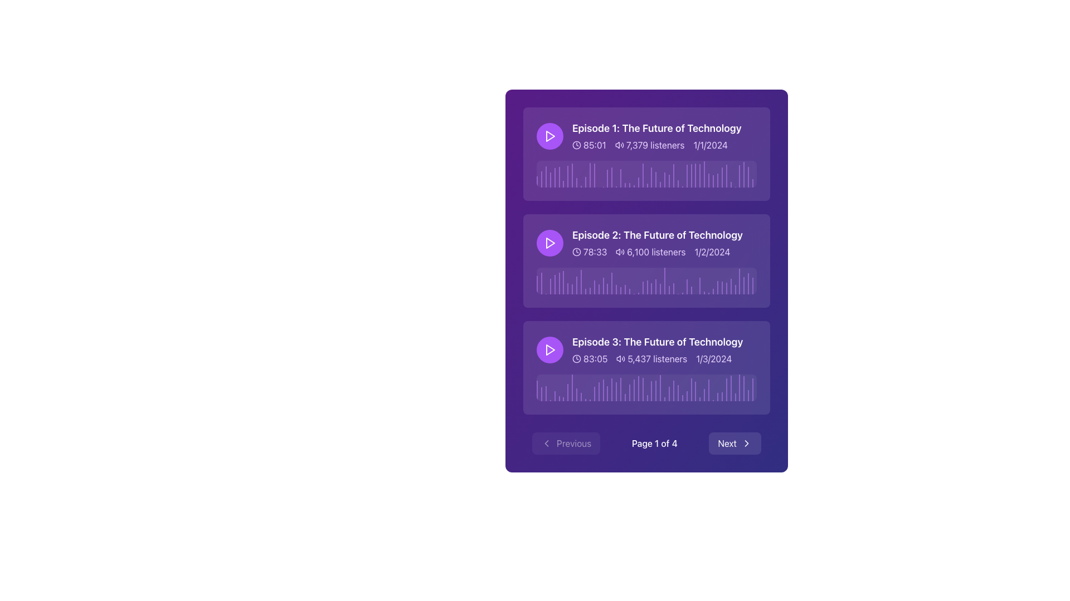  What do you see at coordinates (712, 252) in the screenshot?
I see `date displayed in the text label located at the bottom-right corner of the second card, which shows '1/2/2024'` at bounding box center [712, 252].